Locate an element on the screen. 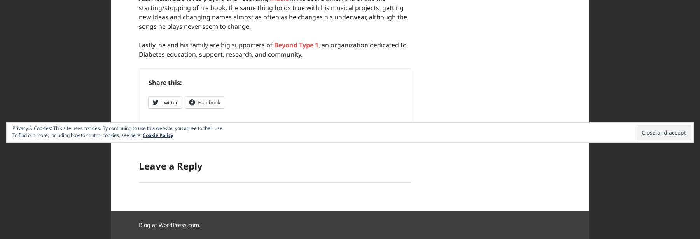 The image size is (700, 239). 'Cookie Policy' is located at coordinates (158, 135).